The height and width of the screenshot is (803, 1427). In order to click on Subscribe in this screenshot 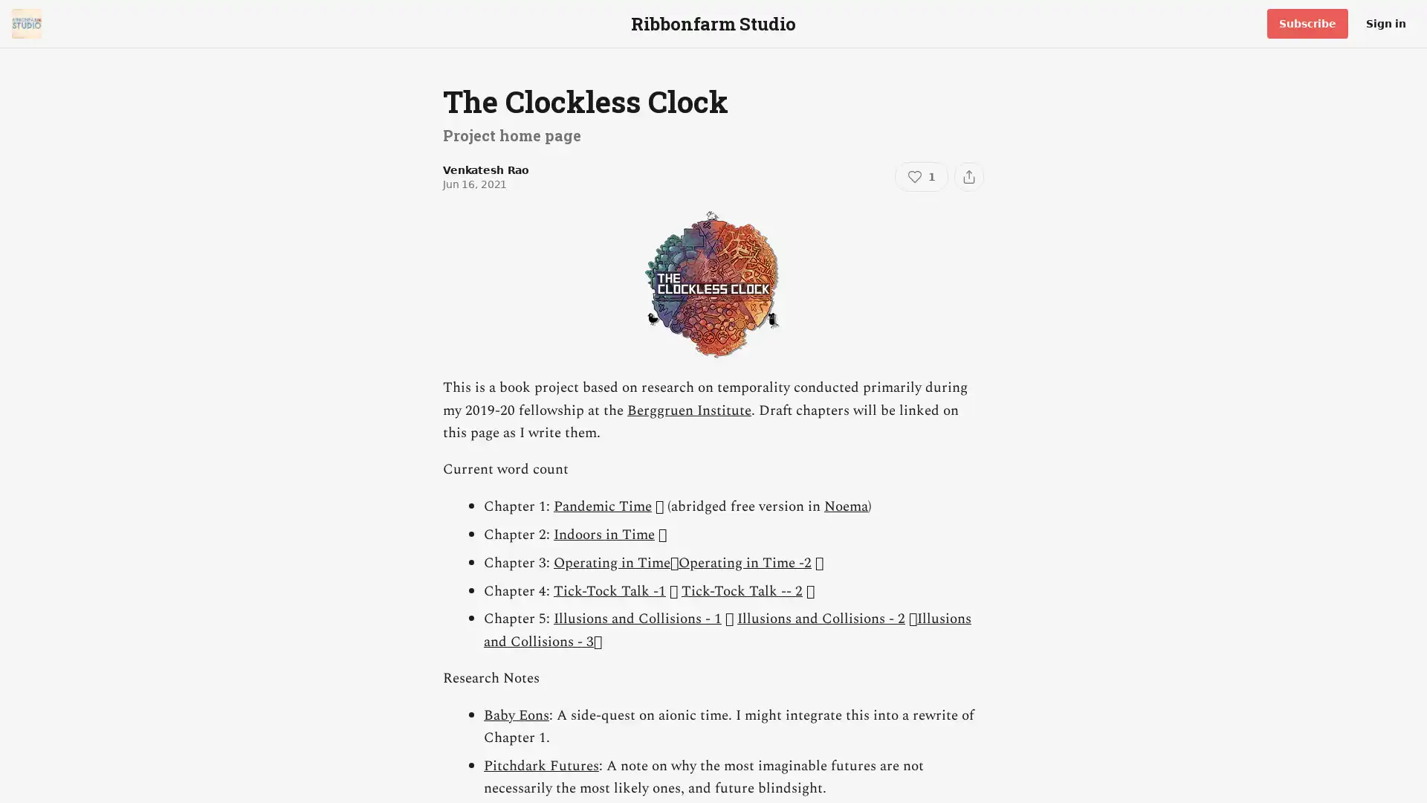, I will do `click(1307, 23)`.